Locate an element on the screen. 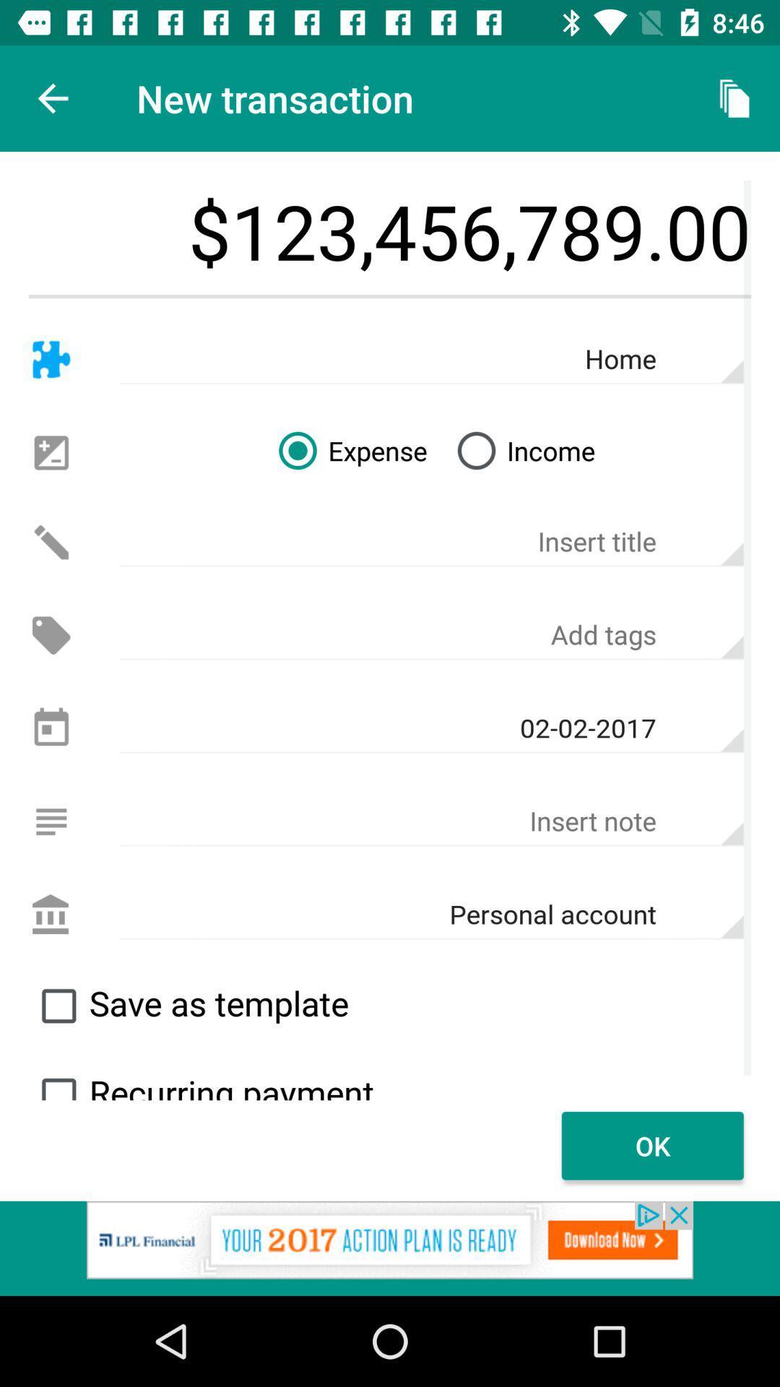  click on advertisement is located at coordinates (390, 1248).